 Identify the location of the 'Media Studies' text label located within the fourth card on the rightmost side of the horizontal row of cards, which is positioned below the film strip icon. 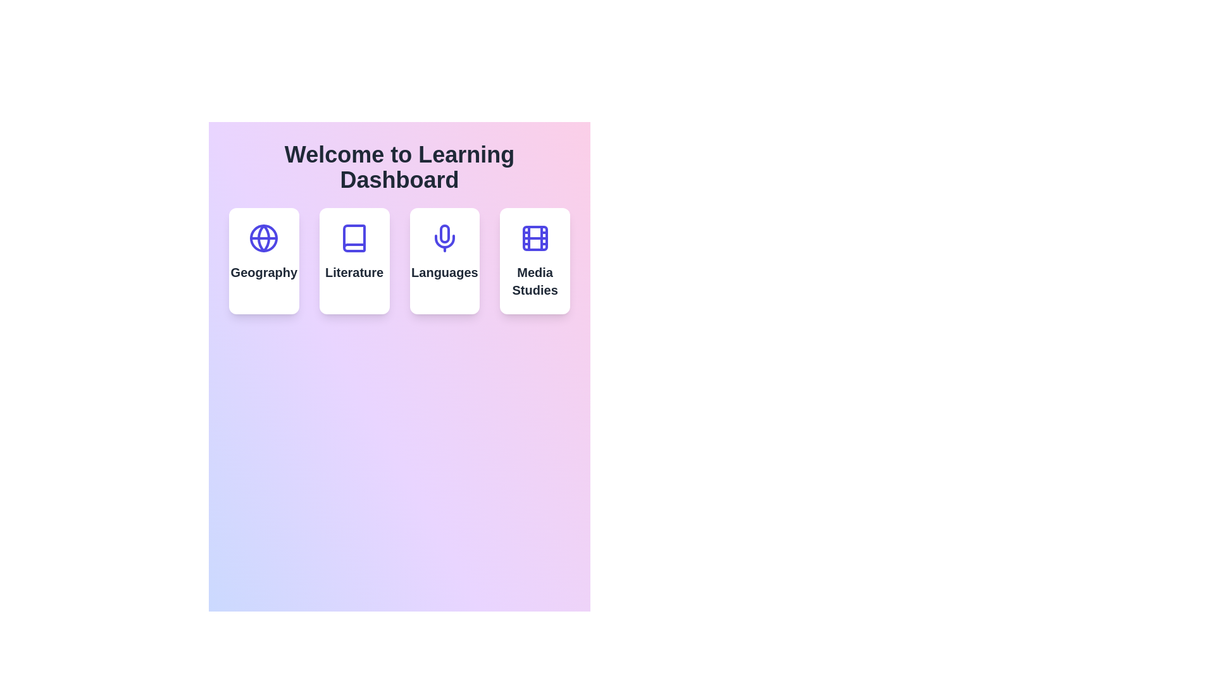
(535, 280).